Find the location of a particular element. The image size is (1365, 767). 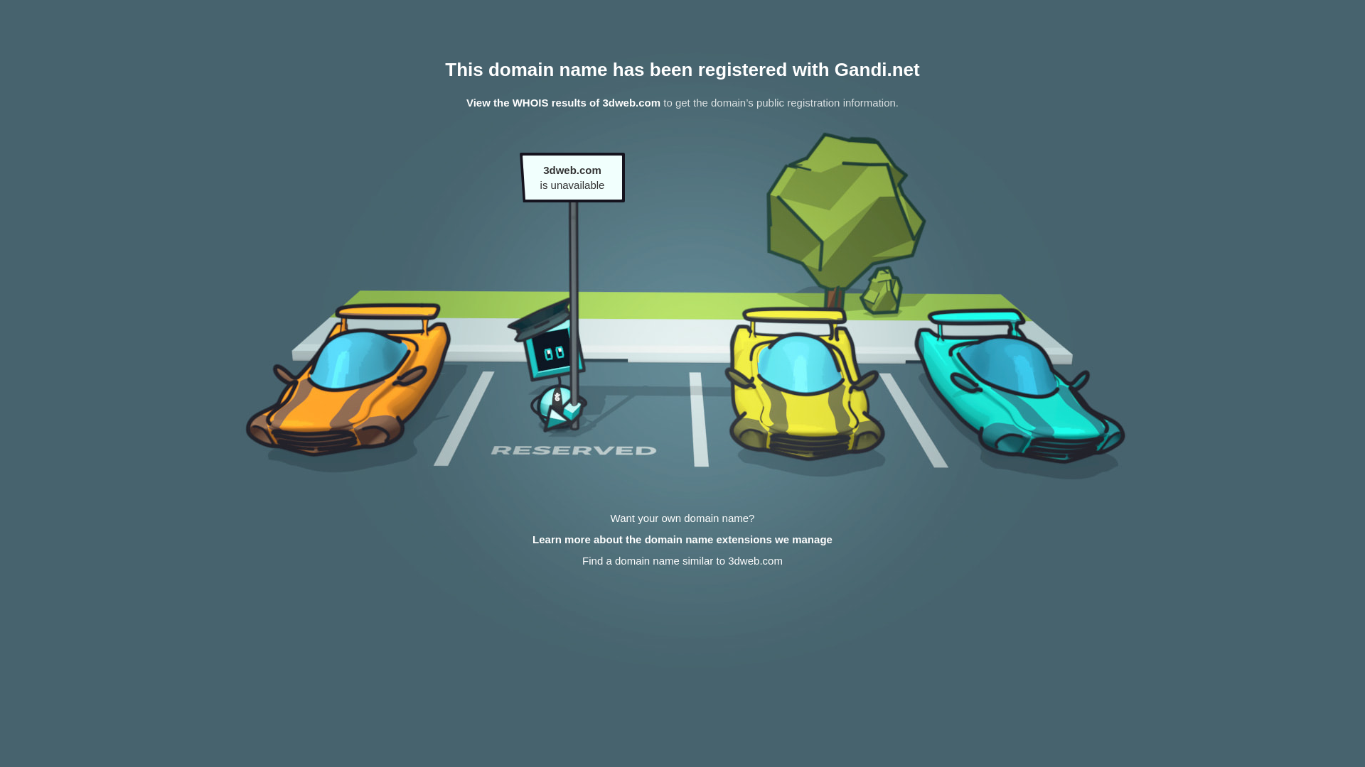

'View the WHOIS results of 3dweb.com' is located at coordinates (562, 102).